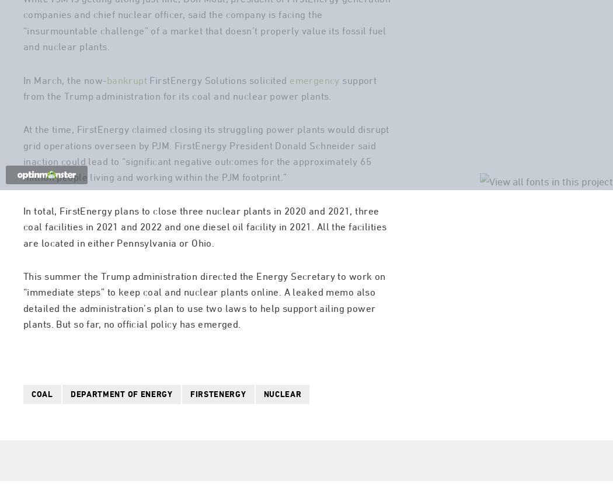  I want to click on 'emergency', so click(314, 127).